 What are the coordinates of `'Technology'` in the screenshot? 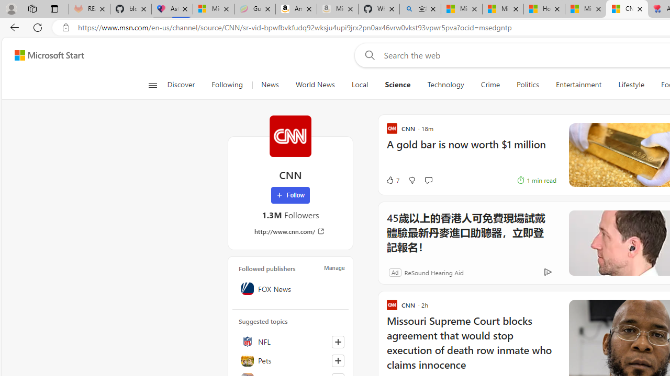 It's located at (445, 85).